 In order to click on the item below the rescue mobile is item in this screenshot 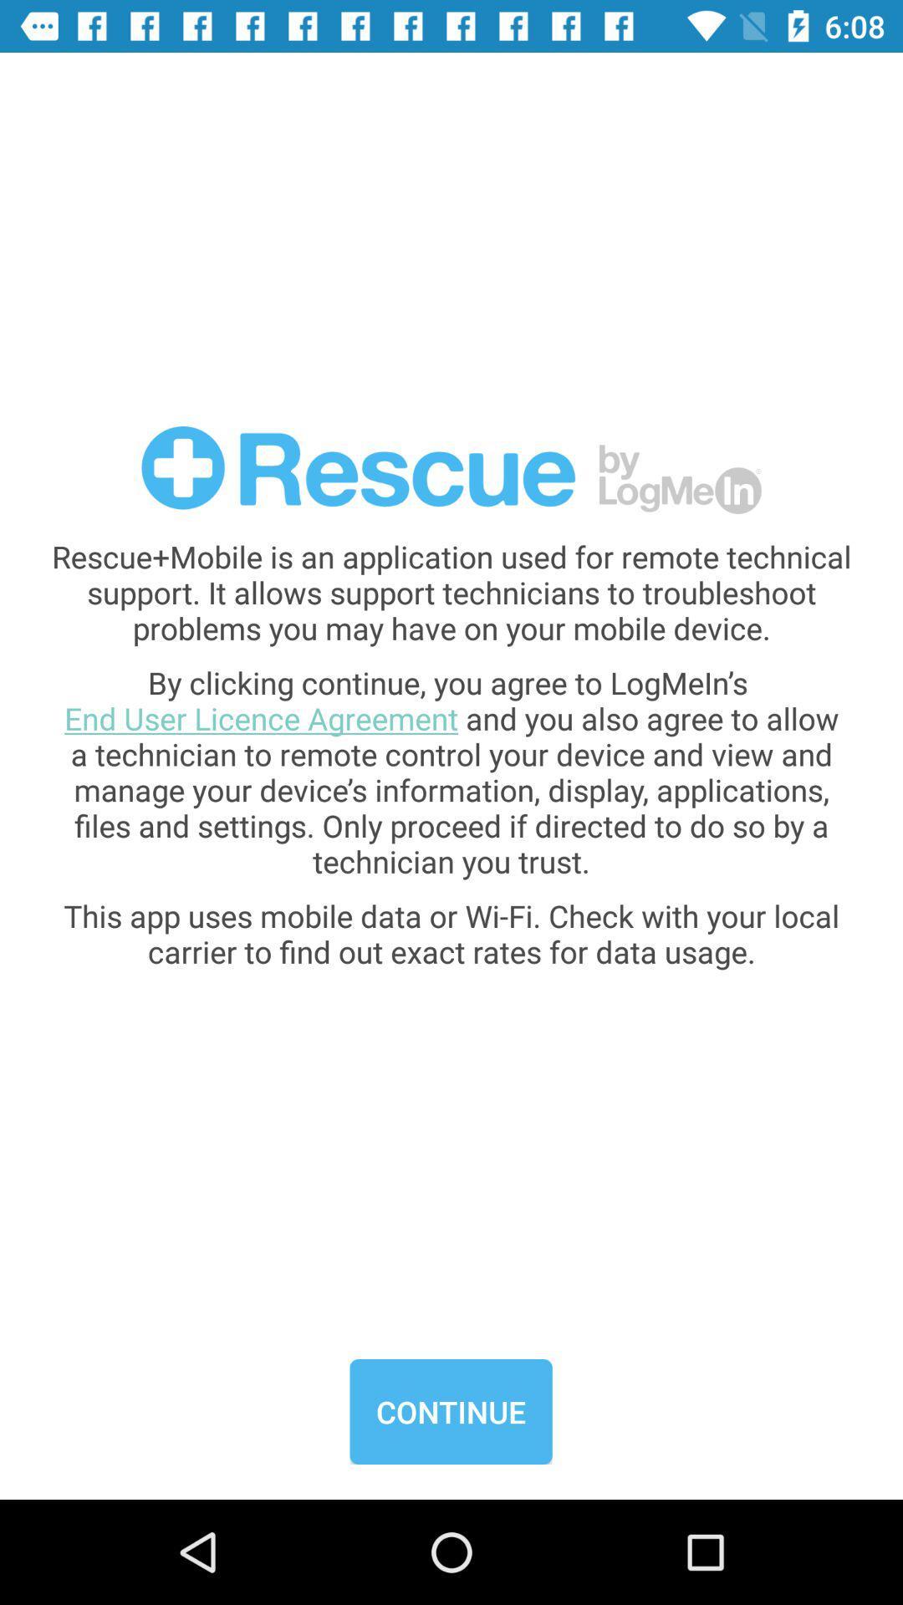, I will do `click(451, 771)`.